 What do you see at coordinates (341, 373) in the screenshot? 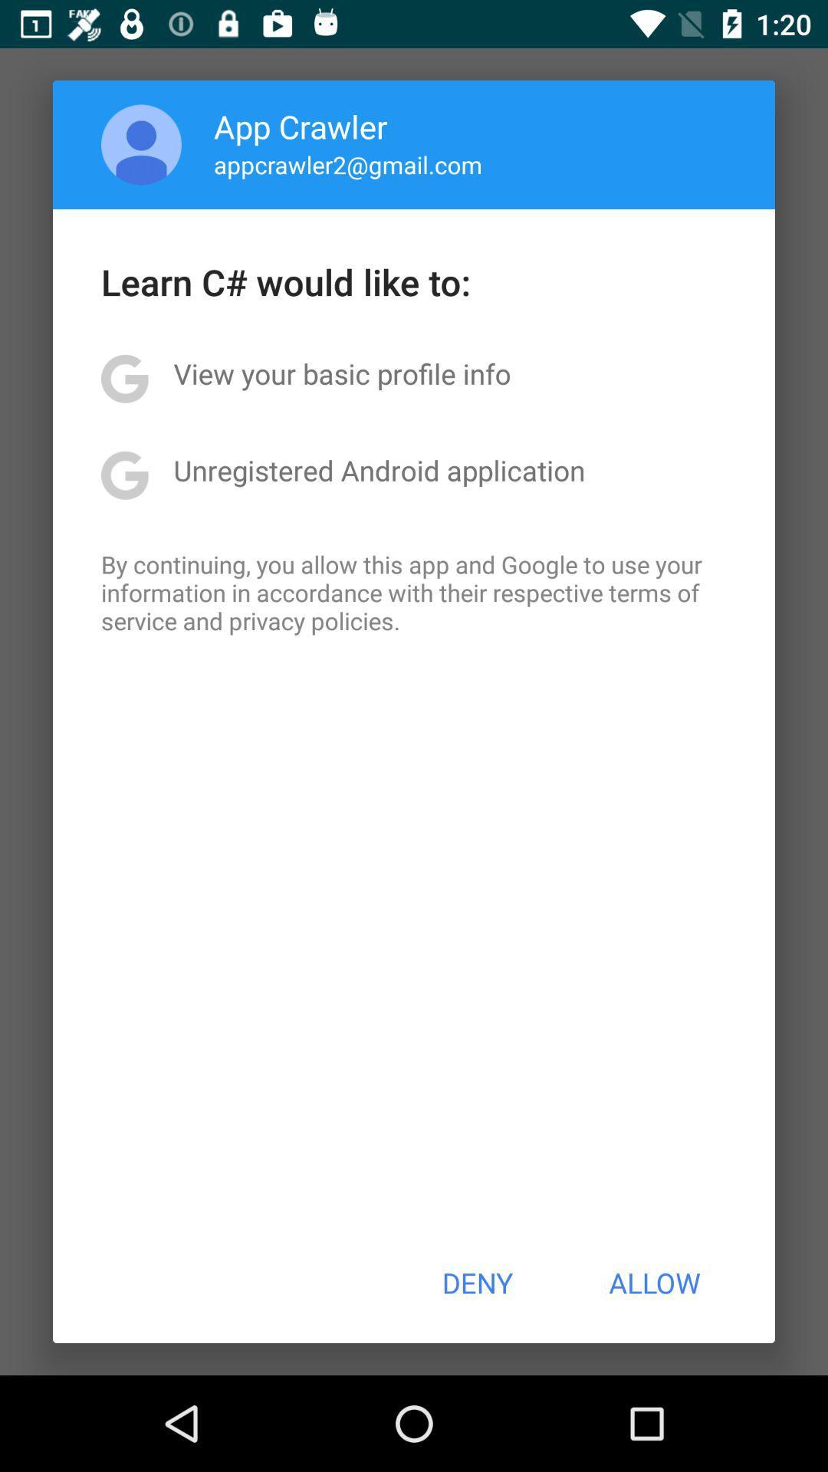
I see `view your basic icon` at bounding box center [341, 373].